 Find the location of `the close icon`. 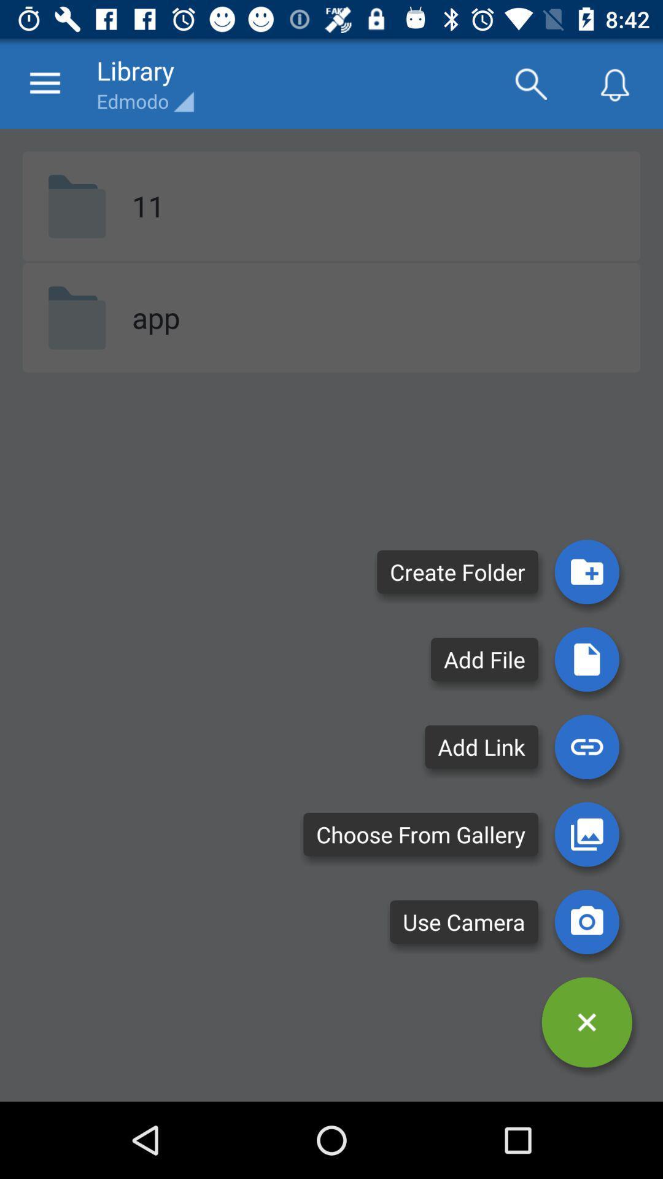

the close icon is located at coordinates (586, 1022).